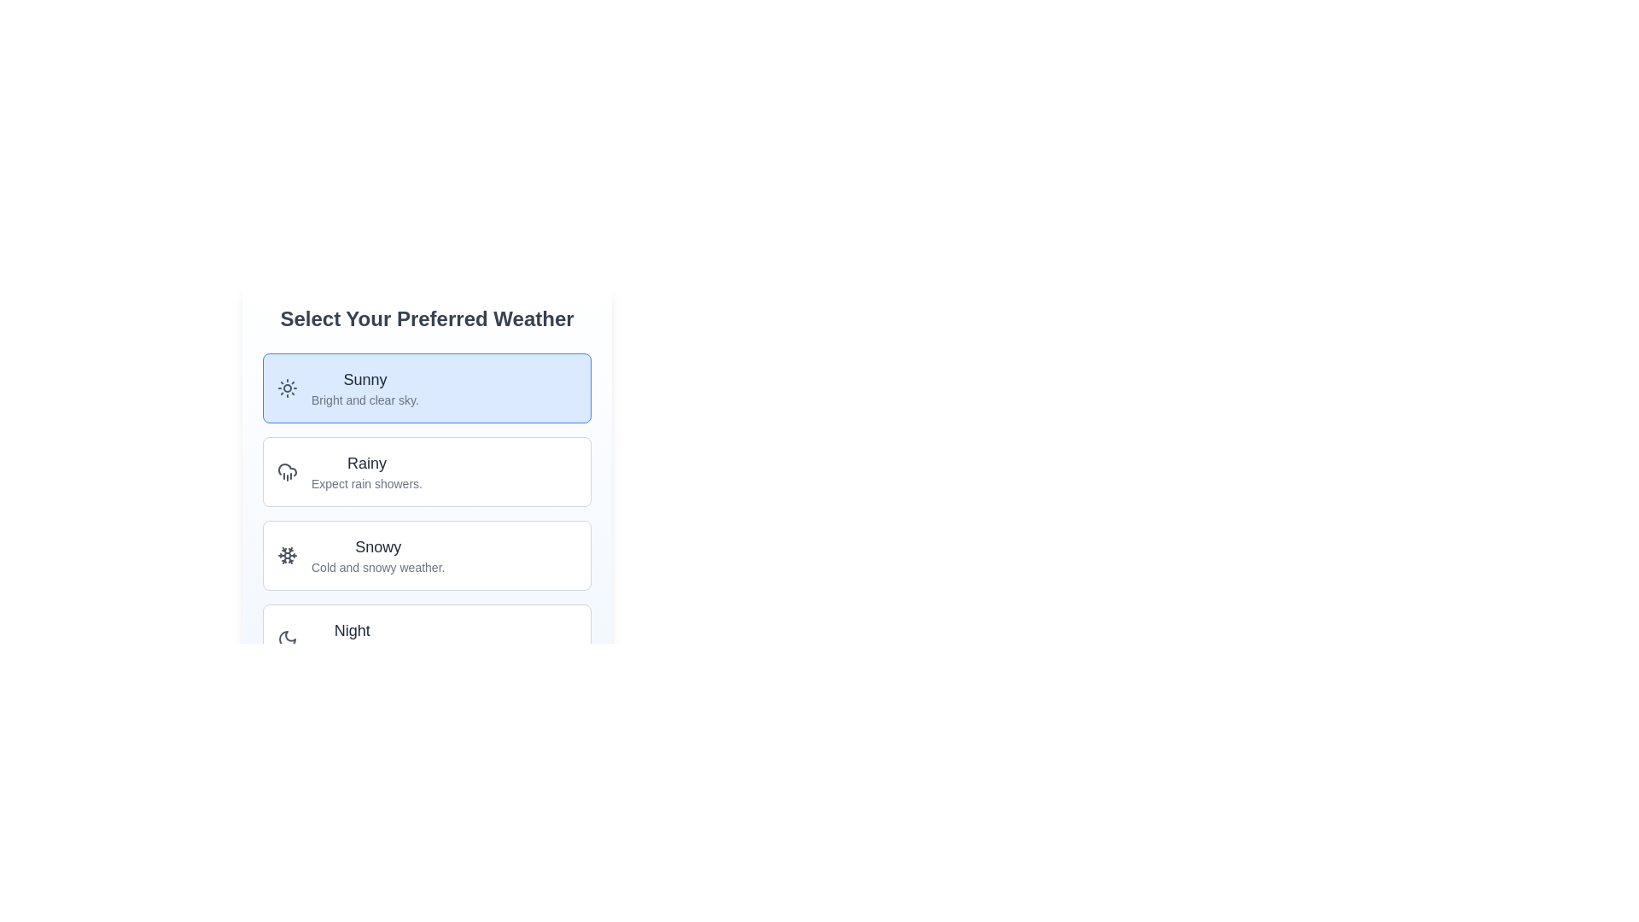  Describe the element at coordinates (284, 559) in the screenshot. I see `the fifth sub-element of the snowflake icon within the SVG graphic, located next to the 'Snowy' option in the weather preference selection interface` at that location.